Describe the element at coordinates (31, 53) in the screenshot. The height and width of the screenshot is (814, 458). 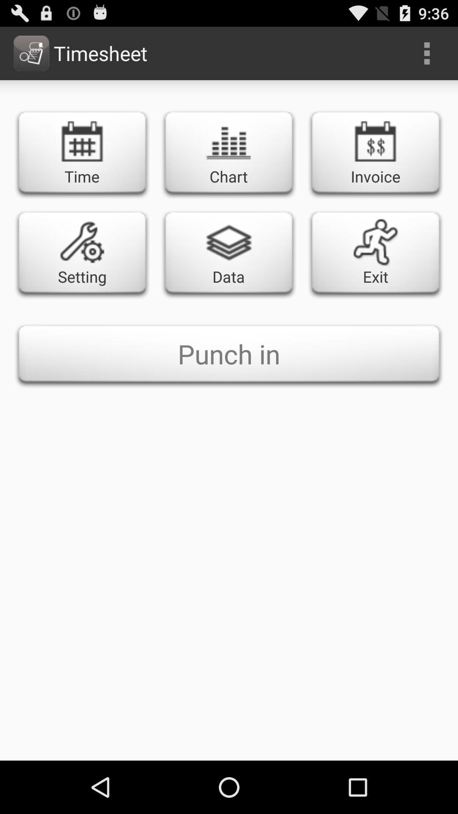
I see `the image next to timesheet` at that location.